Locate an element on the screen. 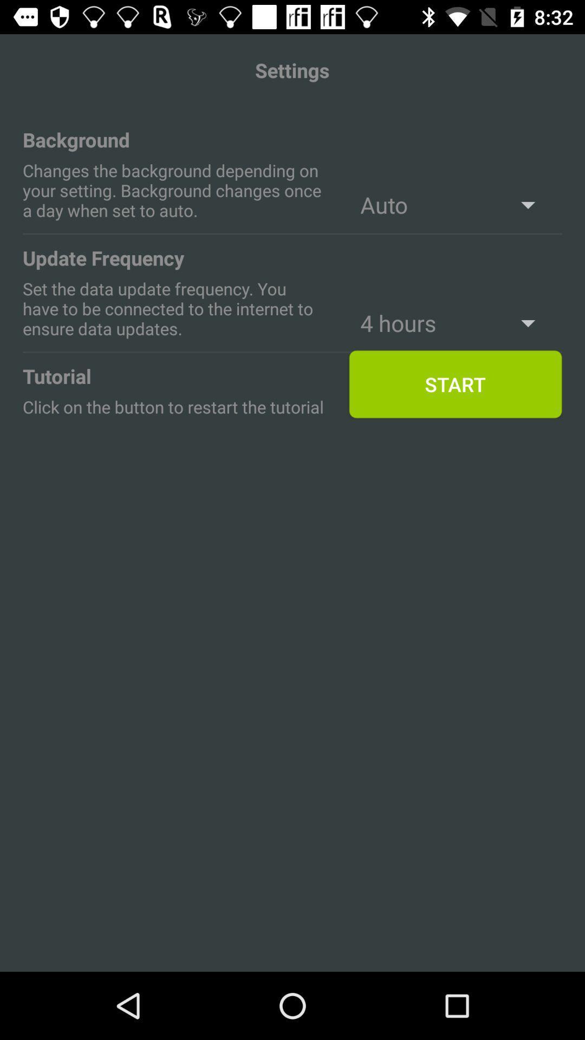 The height and width of the screenshot is (1040, 585). the text above start is located at coordinates (455, 322).